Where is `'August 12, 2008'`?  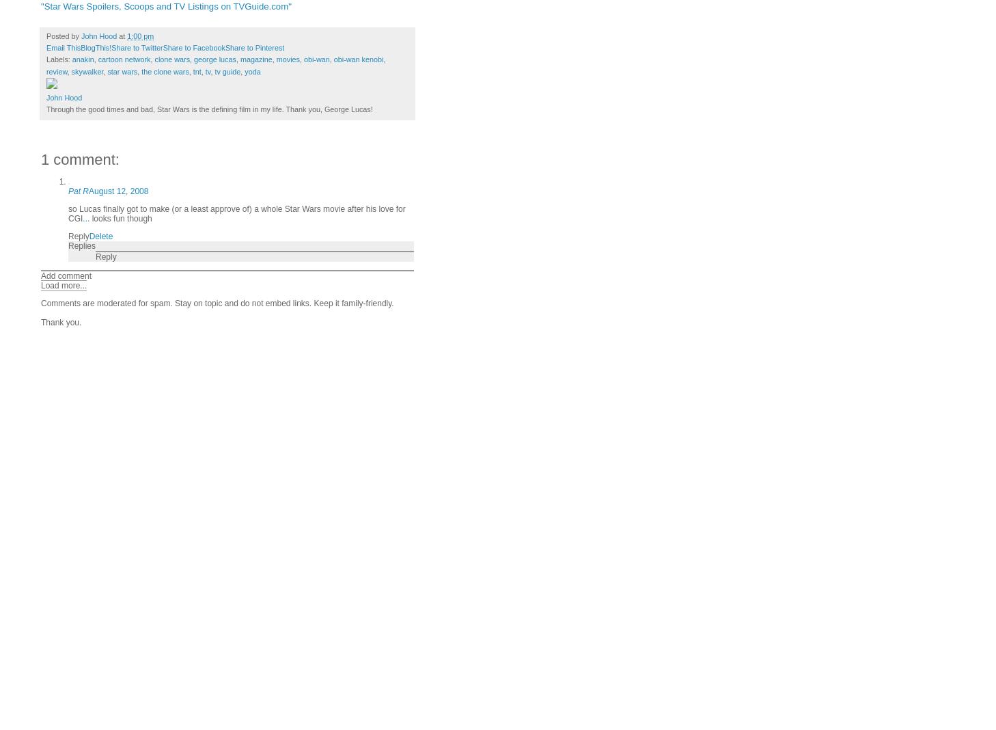
'August 12, 2008' is located at coordinates (117, 189).